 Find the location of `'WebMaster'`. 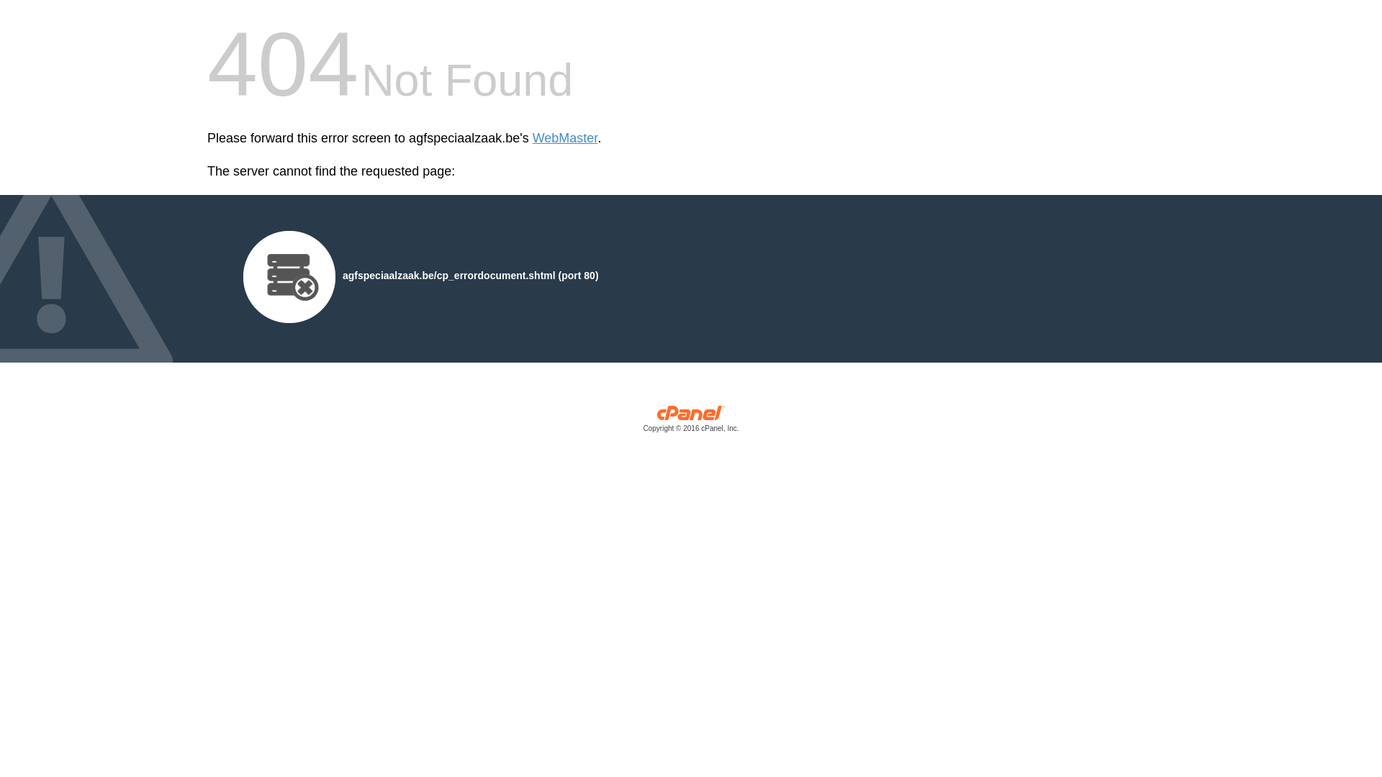

'WebMaster' is located at coordinates (531, 138).